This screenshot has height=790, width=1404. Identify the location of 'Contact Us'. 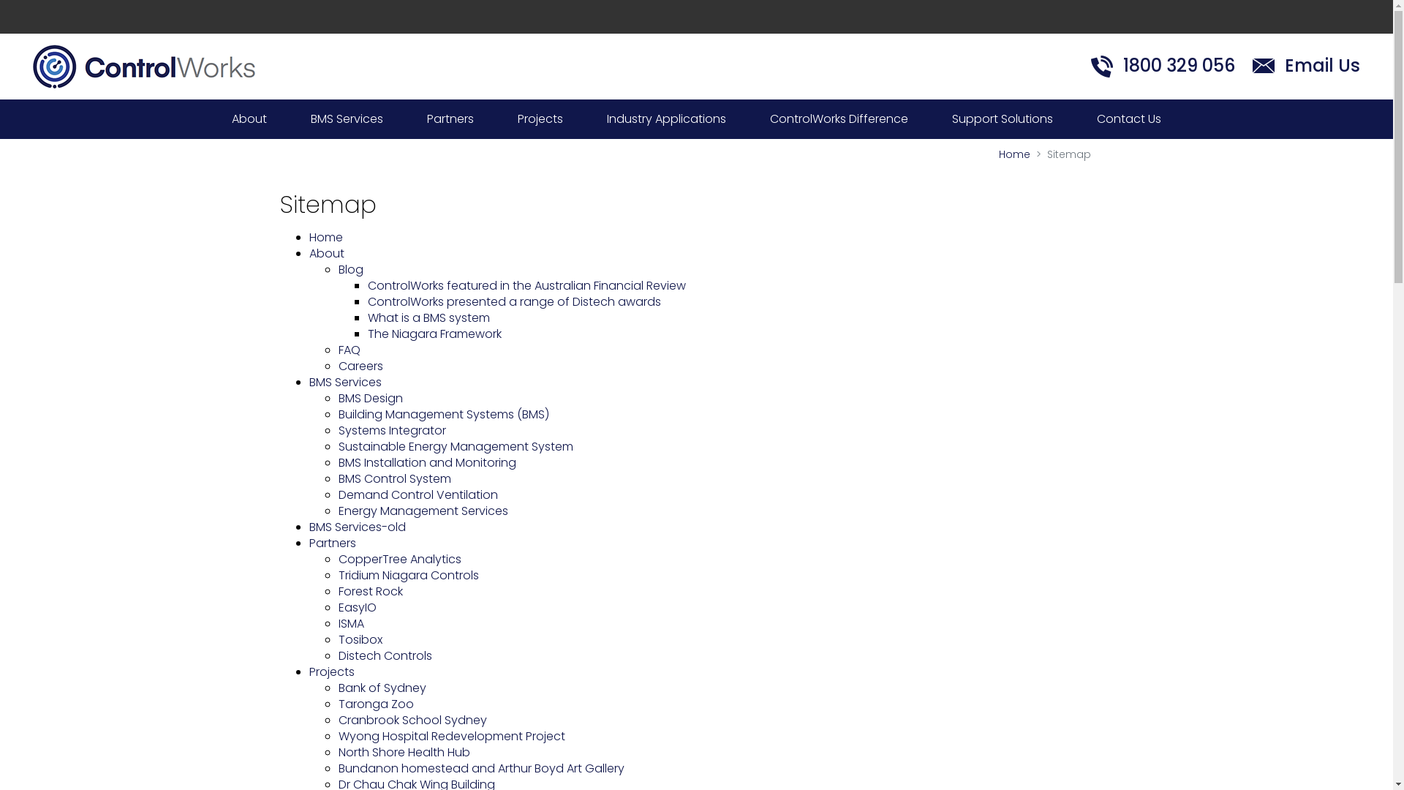
(1128, 118).